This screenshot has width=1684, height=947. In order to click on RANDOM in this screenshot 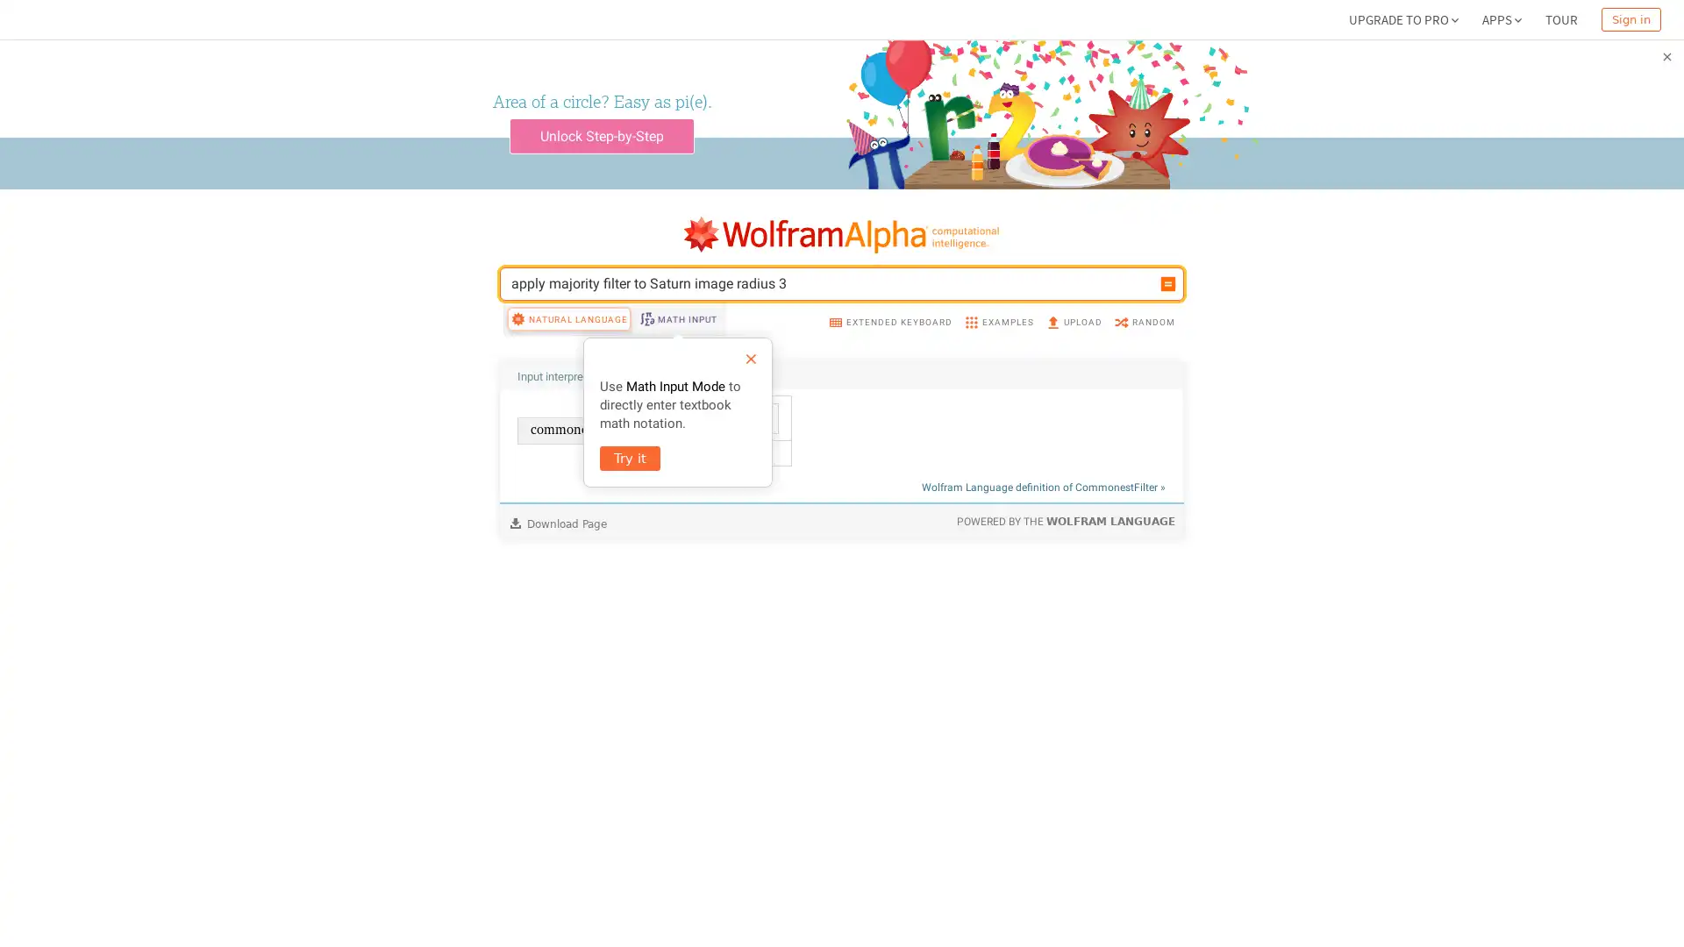, I will do `click(1144, 355)`.